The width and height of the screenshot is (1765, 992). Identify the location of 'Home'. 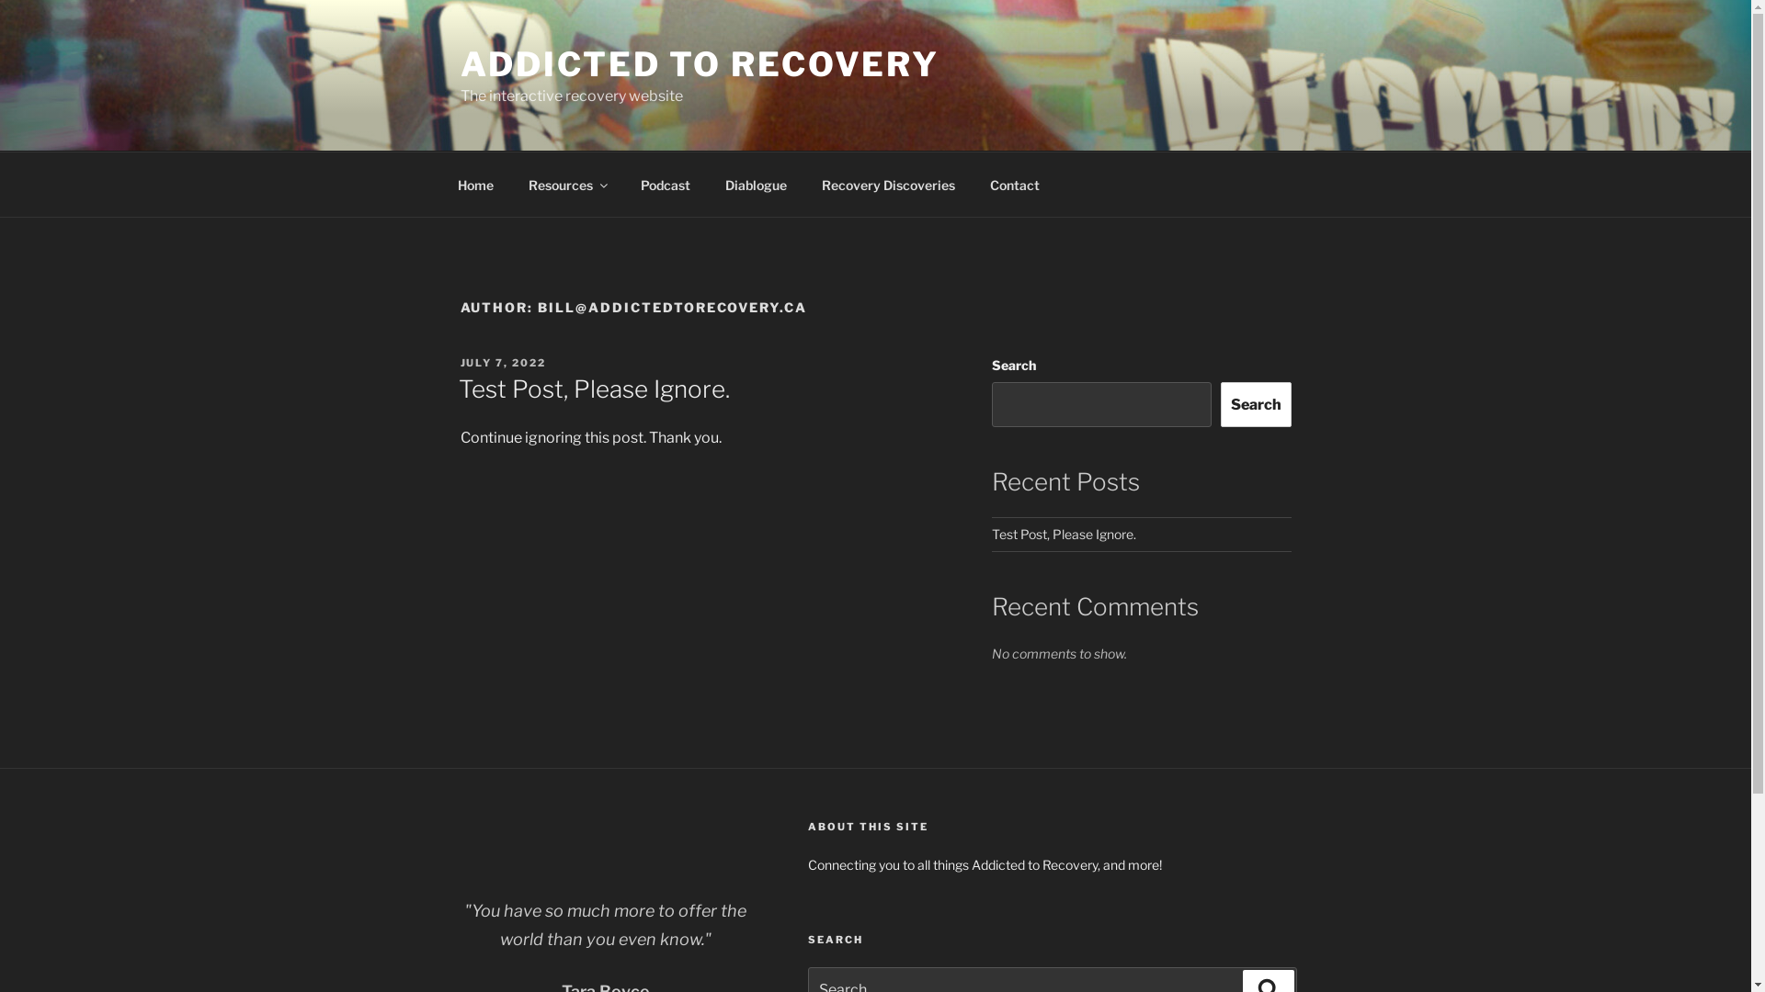
(475, 184).